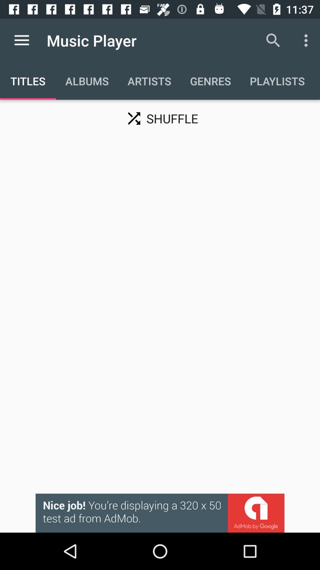  Describe the element at coordinates (160, 513) in the screenshot. I see `interact with advertisement` at that location.